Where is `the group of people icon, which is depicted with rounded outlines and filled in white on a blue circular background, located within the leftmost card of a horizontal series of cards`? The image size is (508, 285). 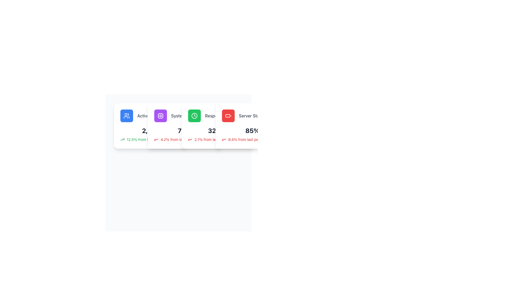 the group of people icon, which is depicted with rounded outlines and filled in white on a blue circular background, located within the leftmost card of a horizontal series of cards is located at coordinates (126, 116).